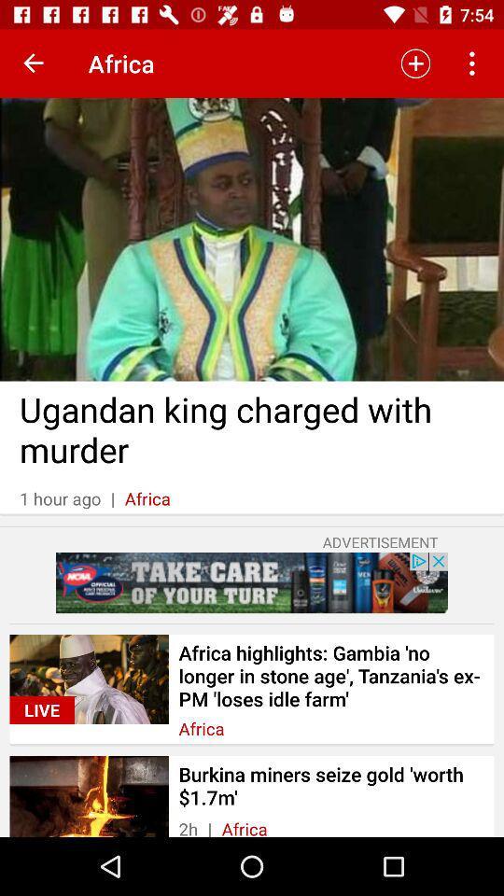 The height and width of the screenshot is (896, 504). Describe the element at coordinates (415, 63) in the screenshot. I see `at the icon right side of africa` at that location.